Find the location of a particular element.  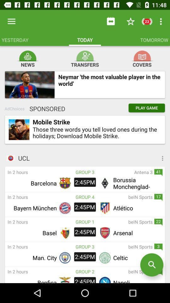

the search icon is located at coordinates (151, 265).